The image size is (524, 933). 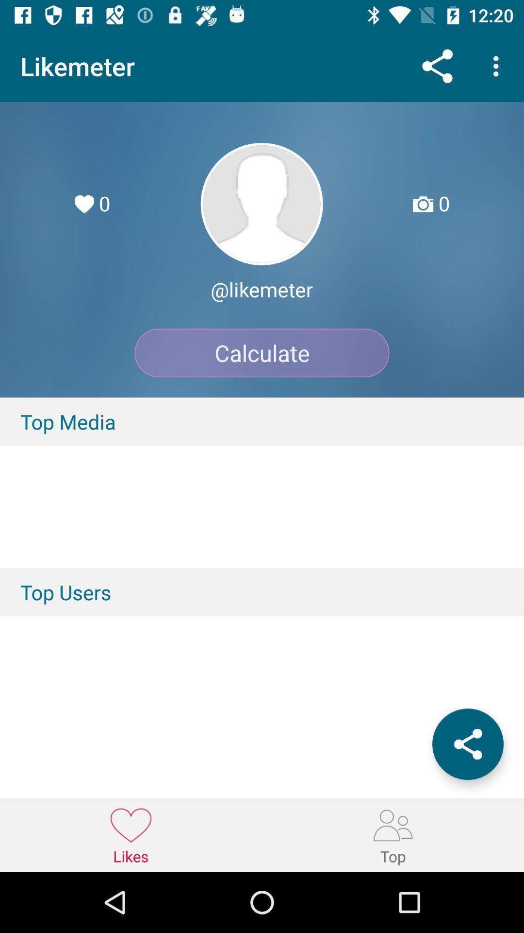 What do you see at coordinates (467, 743) in the screenshot?
I see `the icon below the top users` at bounding box center [467, 743].